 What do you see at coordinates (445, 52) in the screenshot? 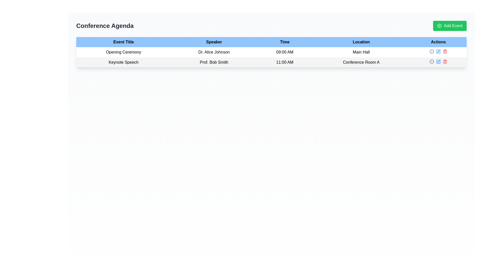
I see `the vertical rectangle with a rounded bottom edge inside the trash can icon, which represents the delete functionality in the 'Actions' column of the second row corresponding to the 'Keynote Speech' entry` at bounding box center [445, 52].